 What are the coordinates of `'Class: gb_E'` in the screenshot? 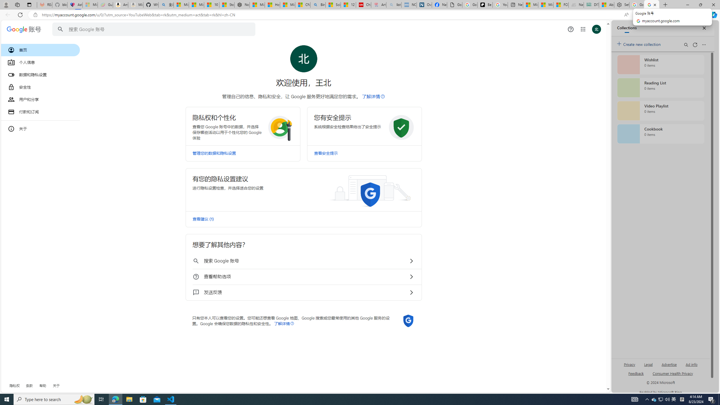 It's located at (582, 29).